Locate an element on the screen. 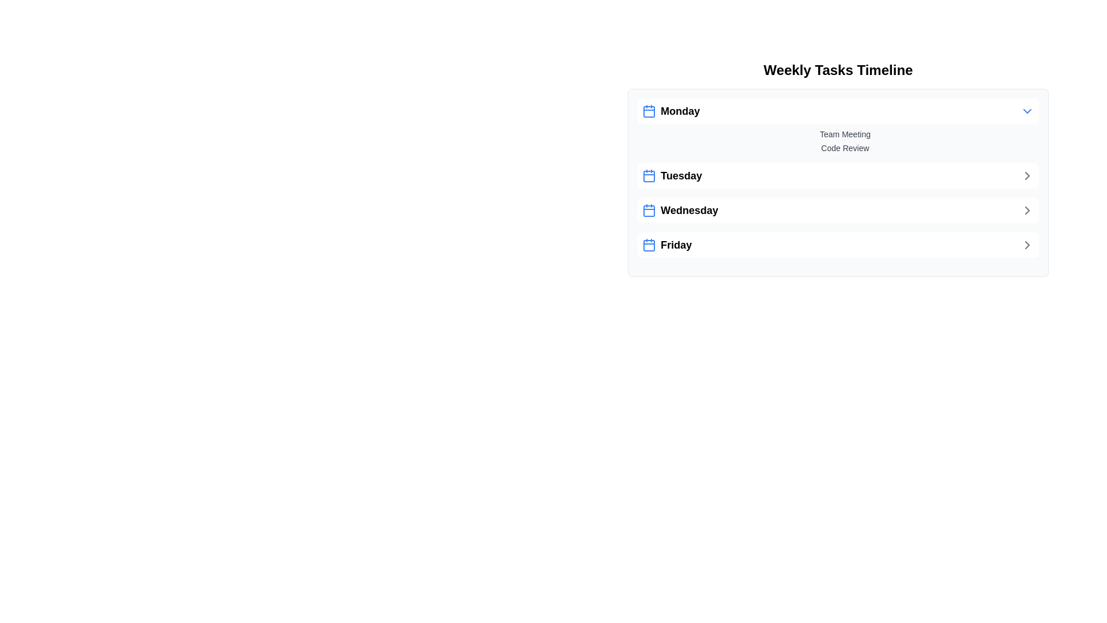  the downward chevron arrow icon in the upper-right corner of the 'Monday' section within the 'Weekly Tasks Timeline' is located at coordinates (1027, 111).